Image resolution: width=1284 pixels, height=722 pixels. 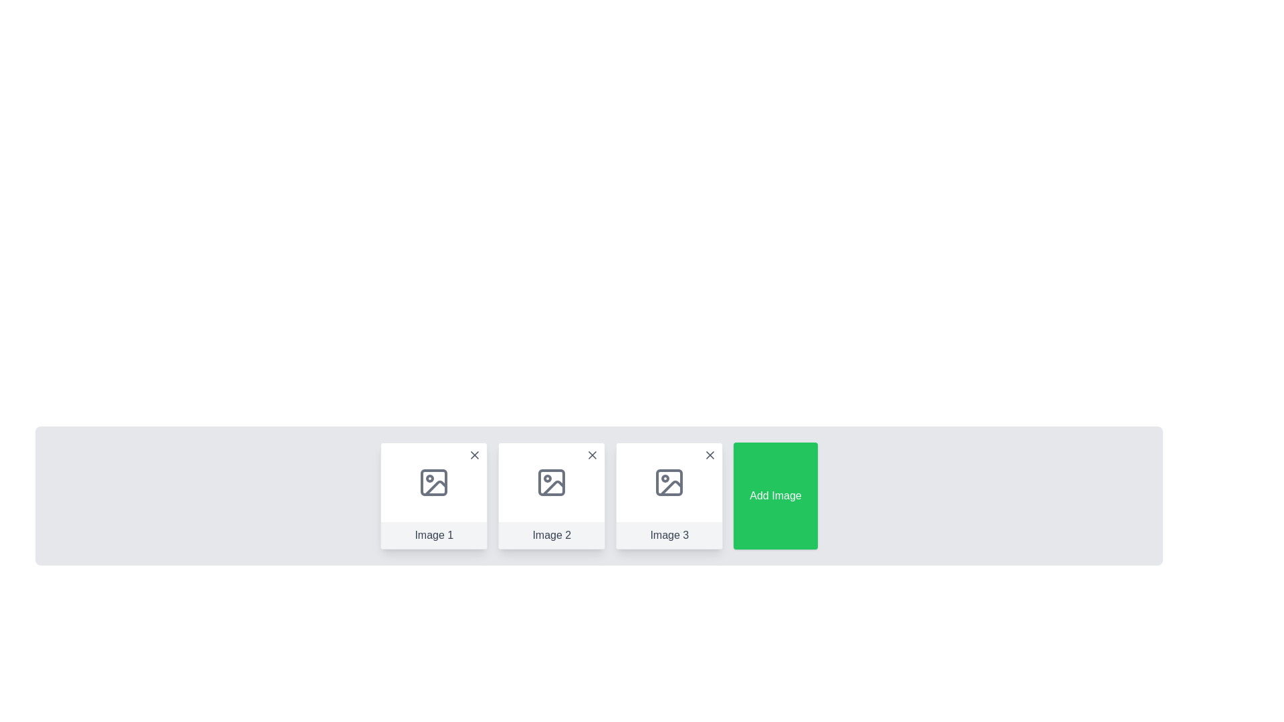 I want to click on the small rectangular block with rounded corners located centrally within the first card labeled 'Image 1', which has a light gray shade, so click(x=434, y=482).